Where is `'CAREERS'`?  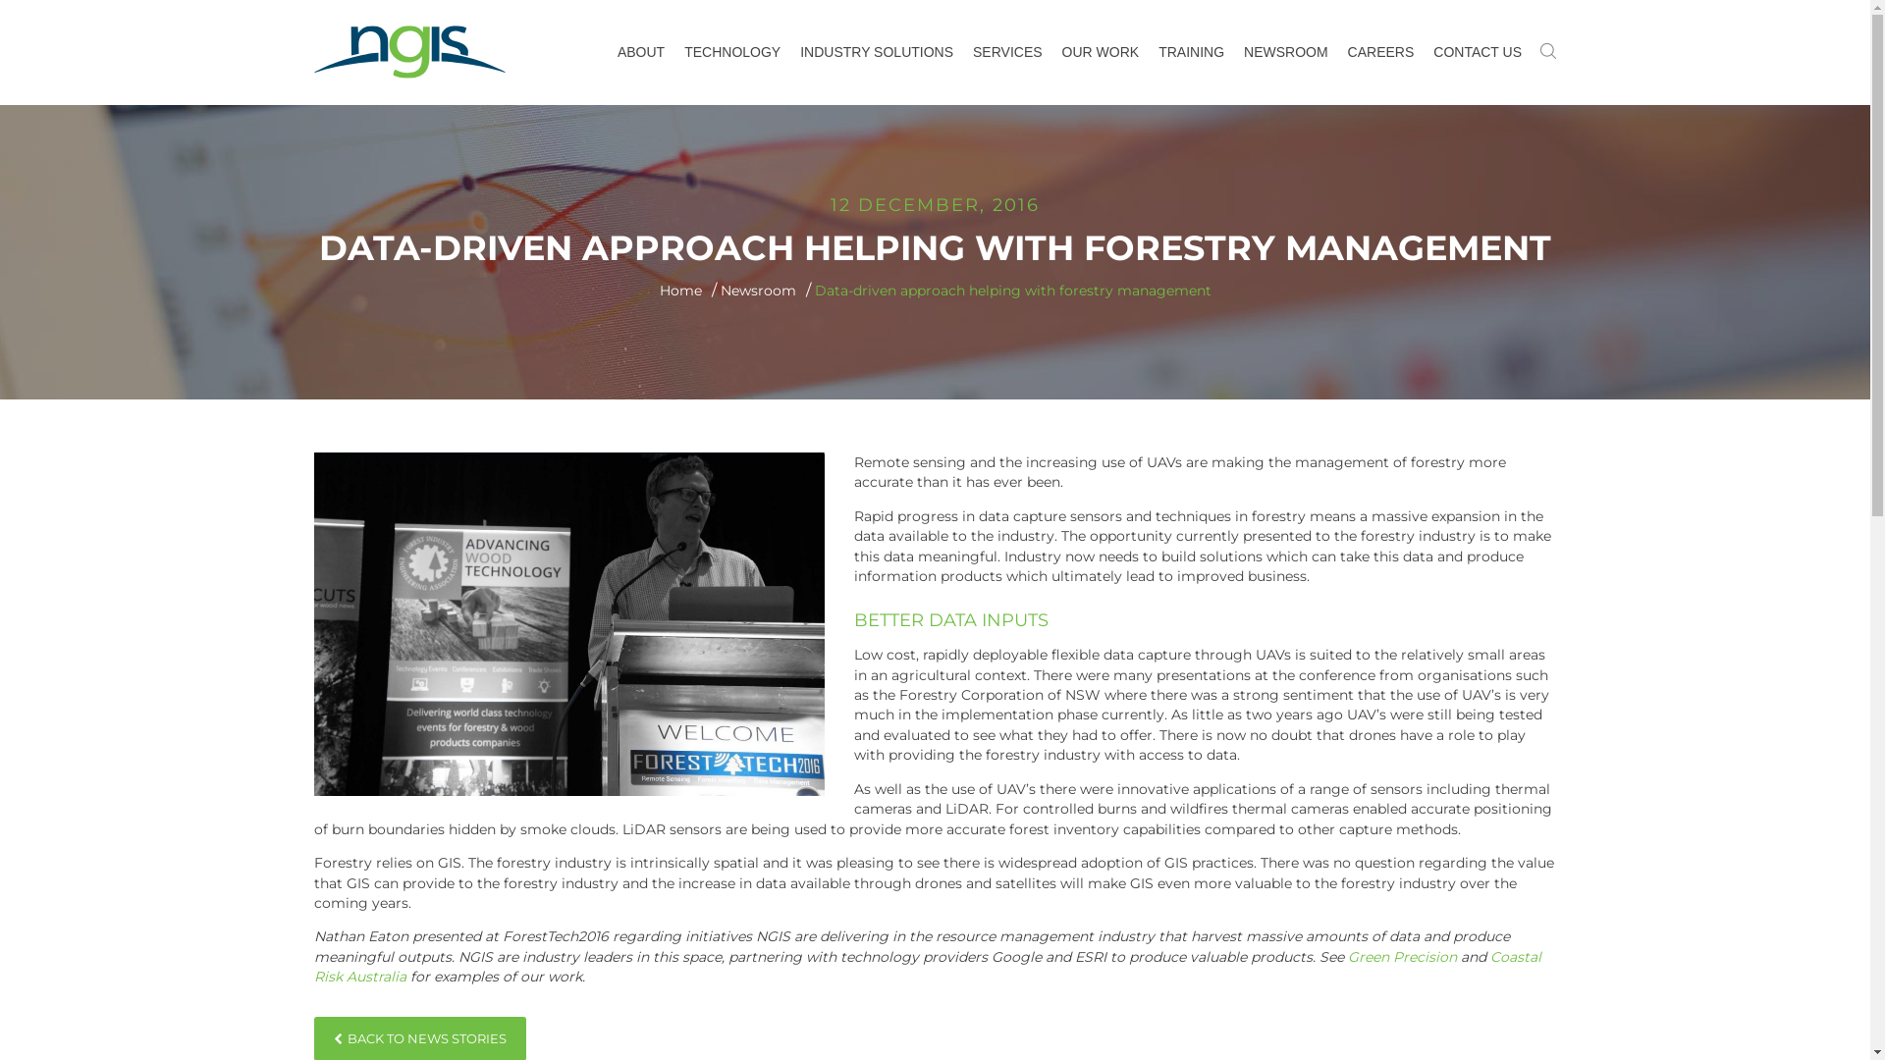
'CAREERS' is located at coordinates (1337, 51).